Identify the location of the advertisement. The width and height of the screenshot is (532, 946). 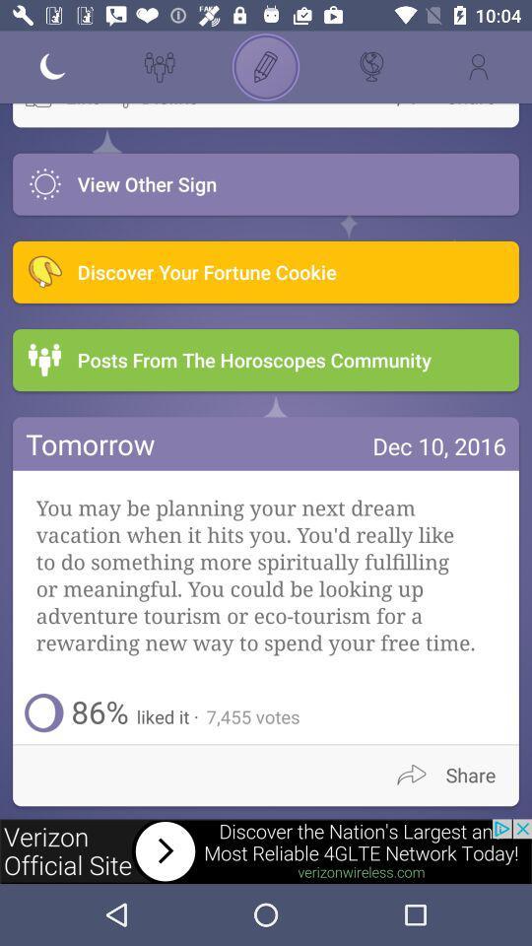
(266, 850).